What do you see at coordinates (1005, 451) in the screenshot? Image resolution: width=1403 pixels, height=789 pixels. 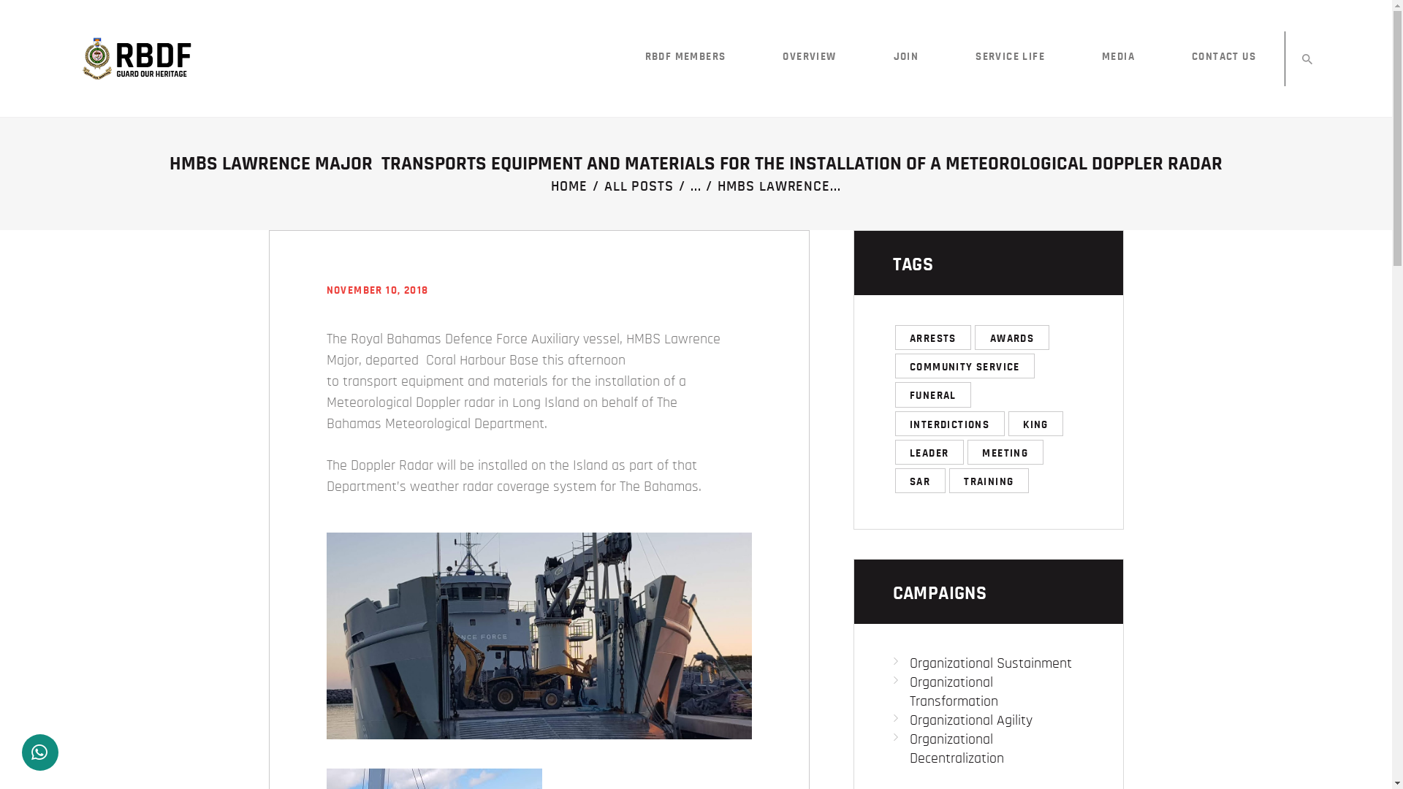 I see `'MEETING'` at bounding box center [1005, 451].